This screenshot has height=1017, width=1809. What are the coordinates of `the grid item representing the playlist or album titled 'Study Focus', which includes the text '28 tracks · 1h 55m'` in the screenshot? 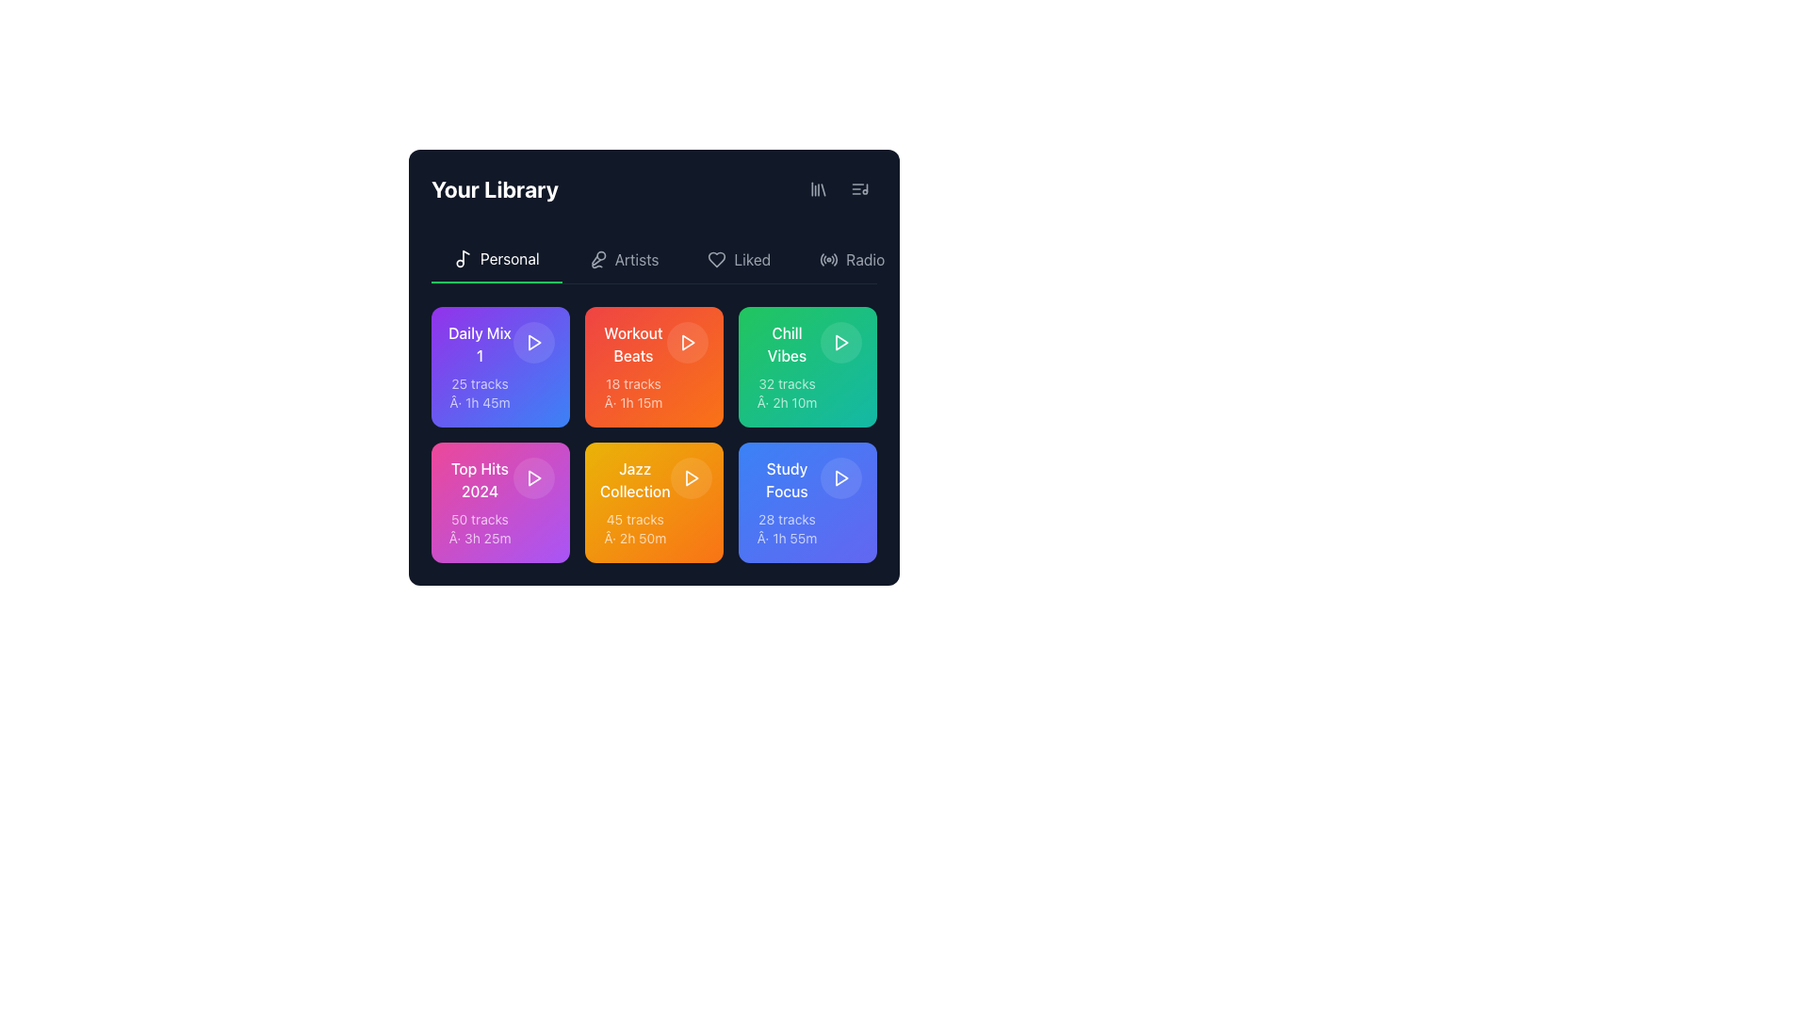 It's located at (787, 501).